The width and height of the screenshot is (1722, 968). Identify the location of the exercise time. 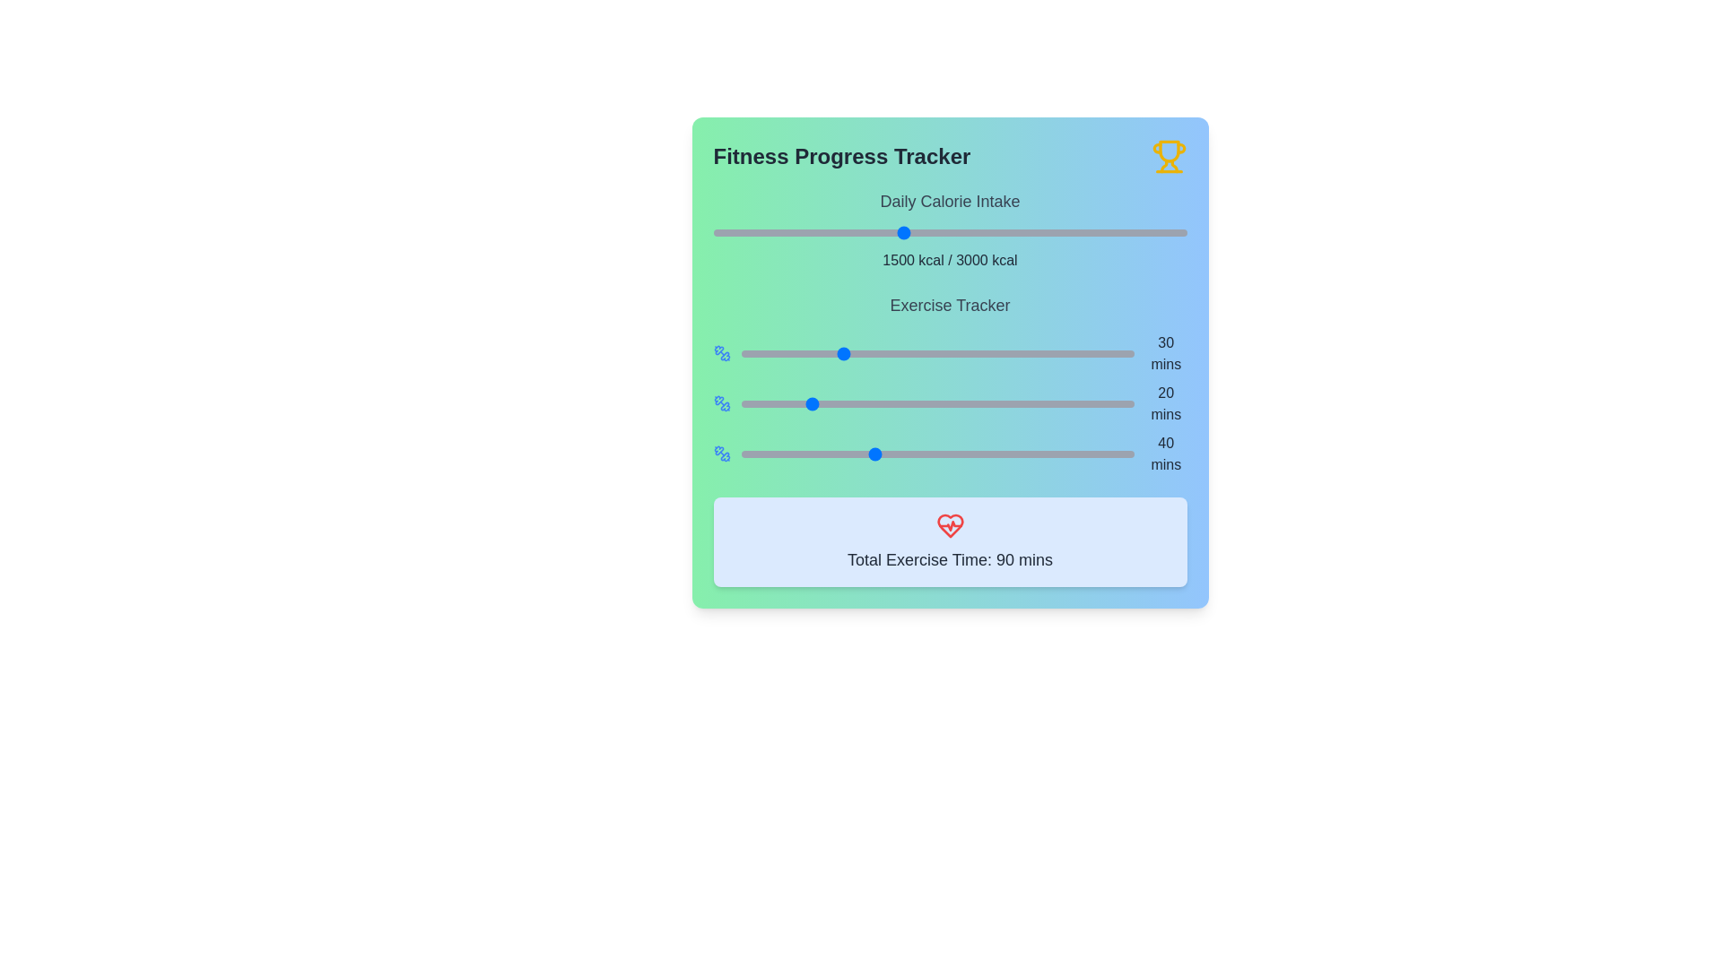
(875, 353).